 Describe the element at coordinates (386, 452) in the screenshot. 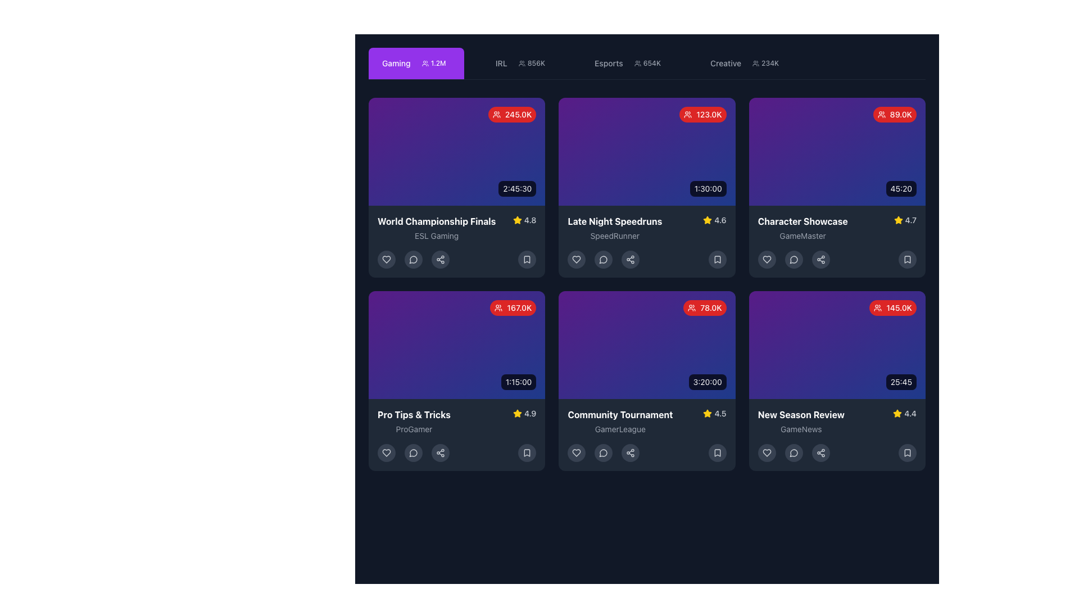

I see `the heart-shaped icon located in the control row beneath the video card titled 'Pro Tips & Tricks' by 'ProGamer', which is the first icon in the group of interactive controls` at that location.